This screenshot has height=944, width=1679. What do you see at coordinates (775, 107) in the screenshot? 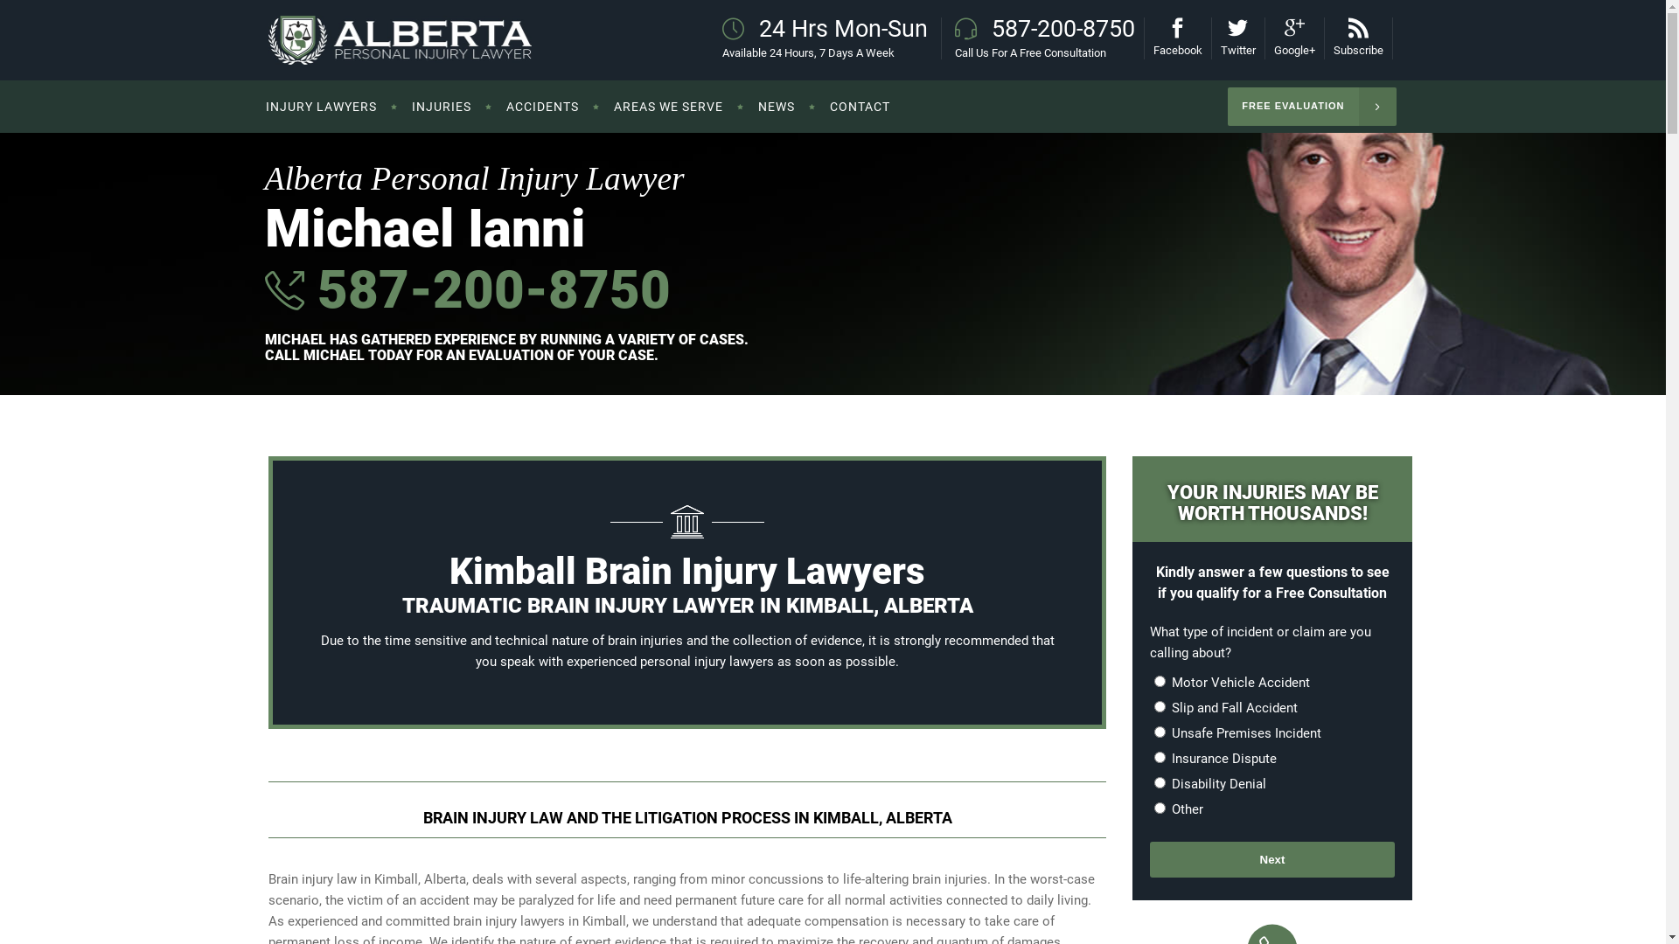
I see `'NEWS'` at bounding box center [775, 107].